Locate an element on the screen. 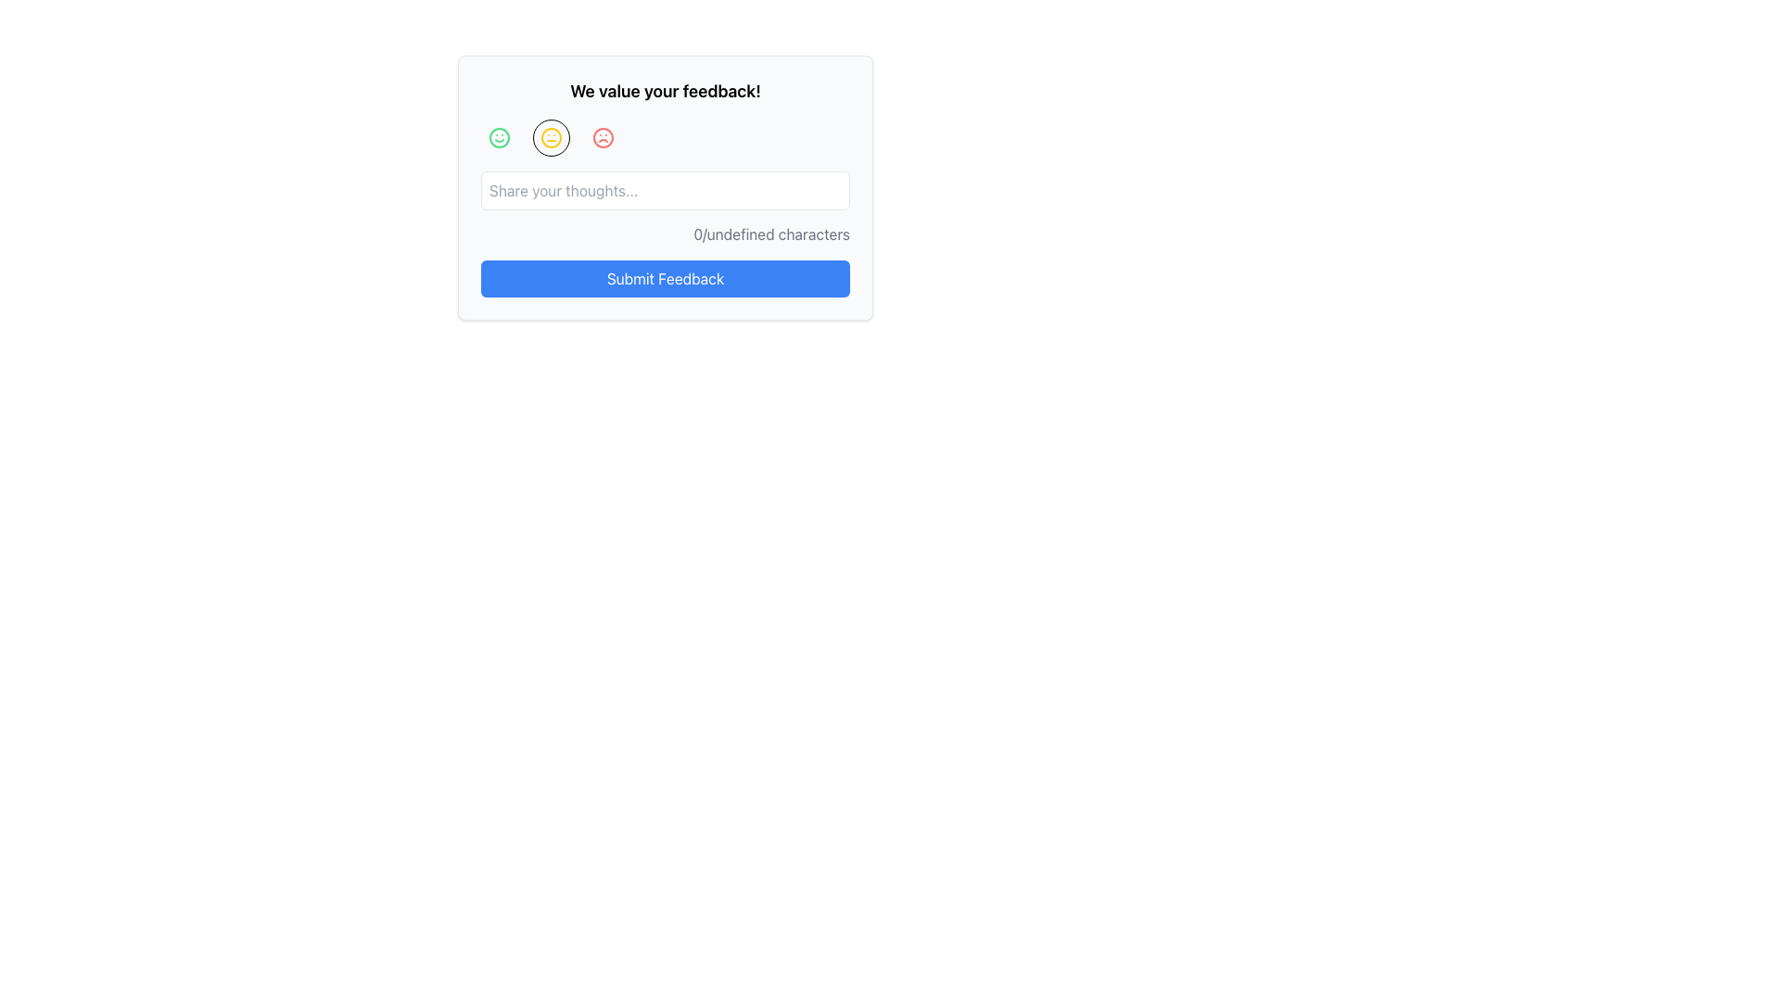  the SVG circle element that forms the outer perimeter of the leftmost smiley face icon in the feedback section is located at coordinates (499, 137).